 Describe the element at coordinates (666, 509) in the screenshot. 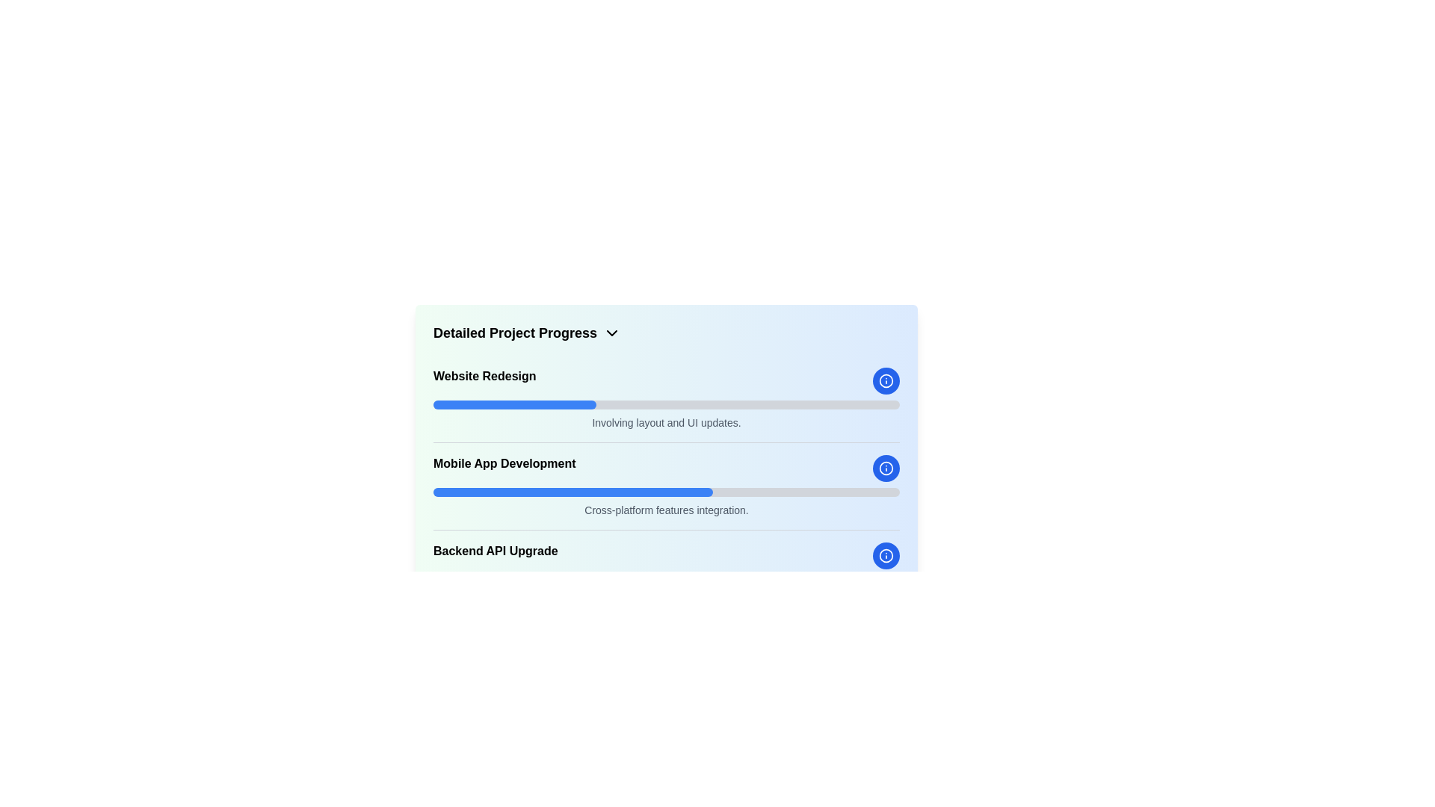

I see `the supplementary description text for the 'Mobile App Development' section, located below the blue progress bar` at that location.